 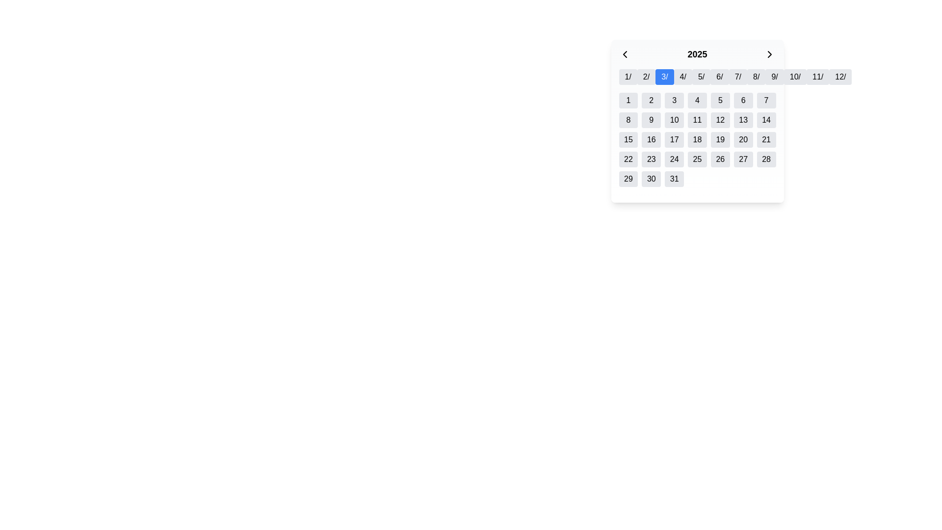 I want to click on the button representing the month of July in the calendar interface, so click(x=738, y=77).